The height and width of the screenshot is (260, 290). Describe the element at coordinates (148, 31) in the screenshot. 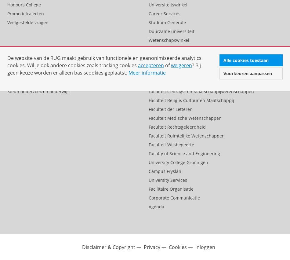

I see `'Duurzame universiteit'` at that location.